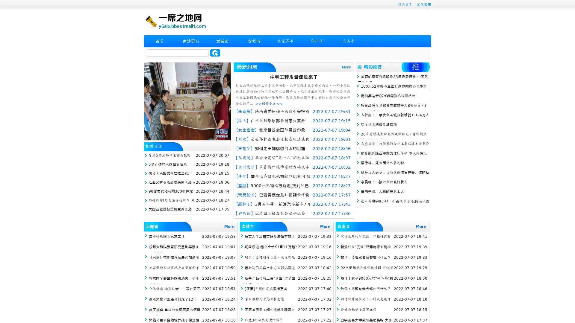 This screenshot has width=575, height=323. What do you see at coordinates (215, 53) in the screenshot?
I see `Search` at bounding box center [215, 53].